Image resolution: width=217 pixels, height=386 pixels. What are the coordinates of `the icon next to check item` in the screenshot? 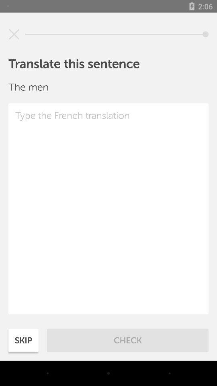 It's located at (23, 340).